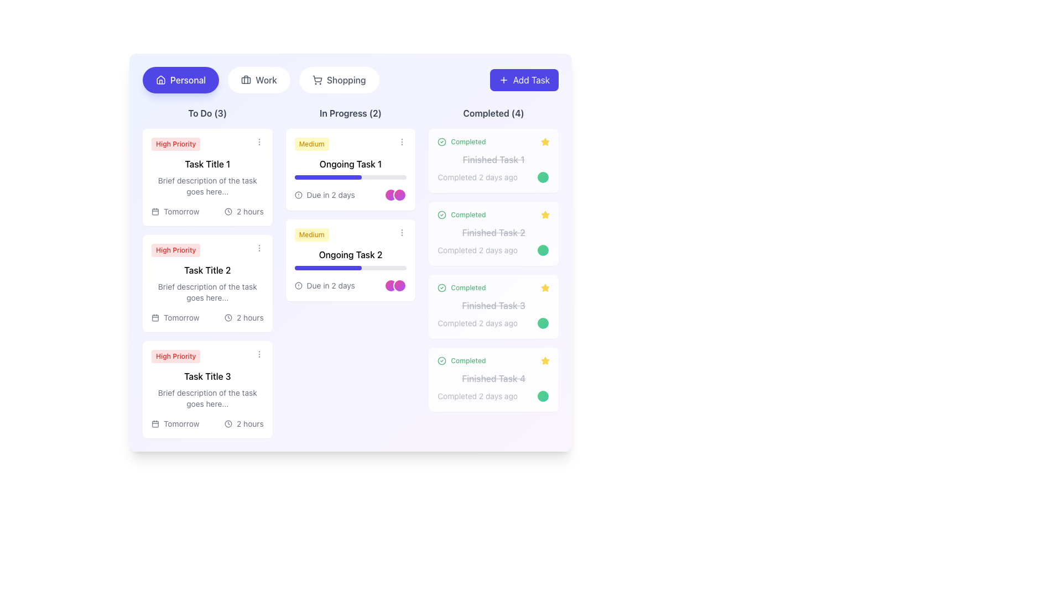 The width and height of the screenshot is (1062, 597). Describe the element at coordinates (477, 396) in the screenshot. I see `the text label that indicates the completion time for 'Finished Task 4', which is located in the lower-right corner of the interface and aligned with a green circular icon` at that location.